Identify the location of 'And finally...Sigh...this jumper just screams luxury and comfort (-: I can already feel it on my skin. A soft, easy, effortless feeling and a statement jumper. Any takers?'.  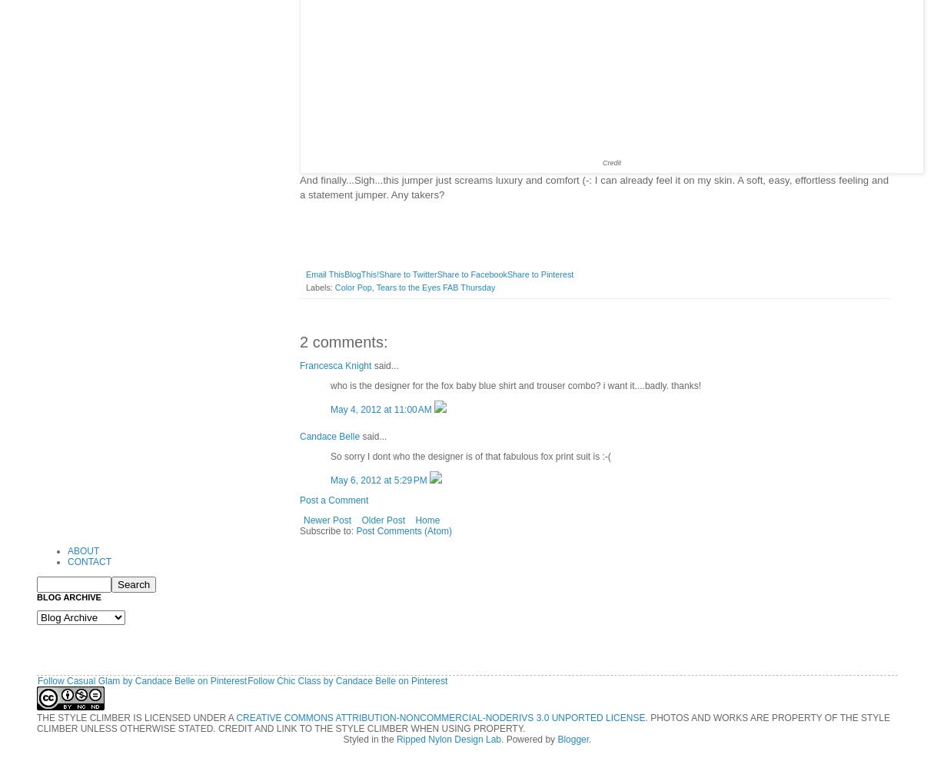
(593, 186).